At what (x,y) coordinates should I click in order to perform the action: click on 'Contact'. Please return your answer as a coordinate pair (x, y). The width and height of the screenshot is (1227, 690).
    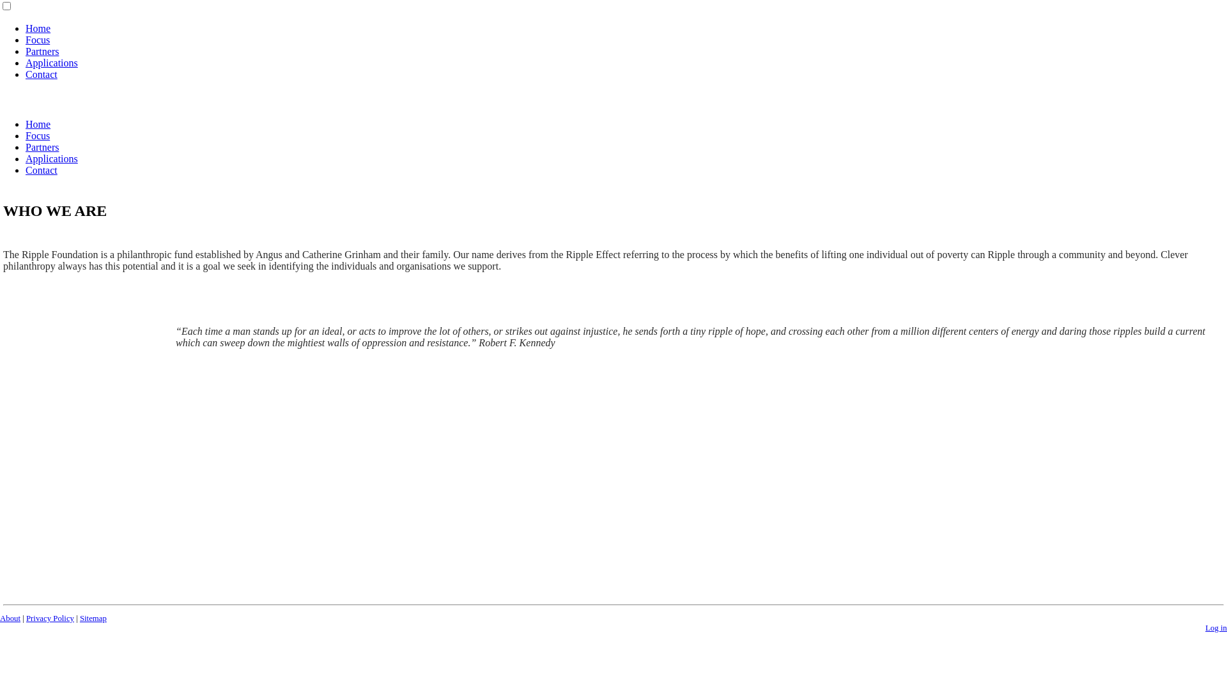
    Looking at the image, I should click on (42, 74).